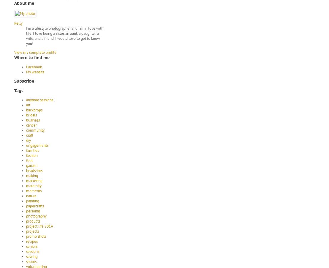 This screenshot has height=268, width=329. I want to click on 'business', so click(33, 120).